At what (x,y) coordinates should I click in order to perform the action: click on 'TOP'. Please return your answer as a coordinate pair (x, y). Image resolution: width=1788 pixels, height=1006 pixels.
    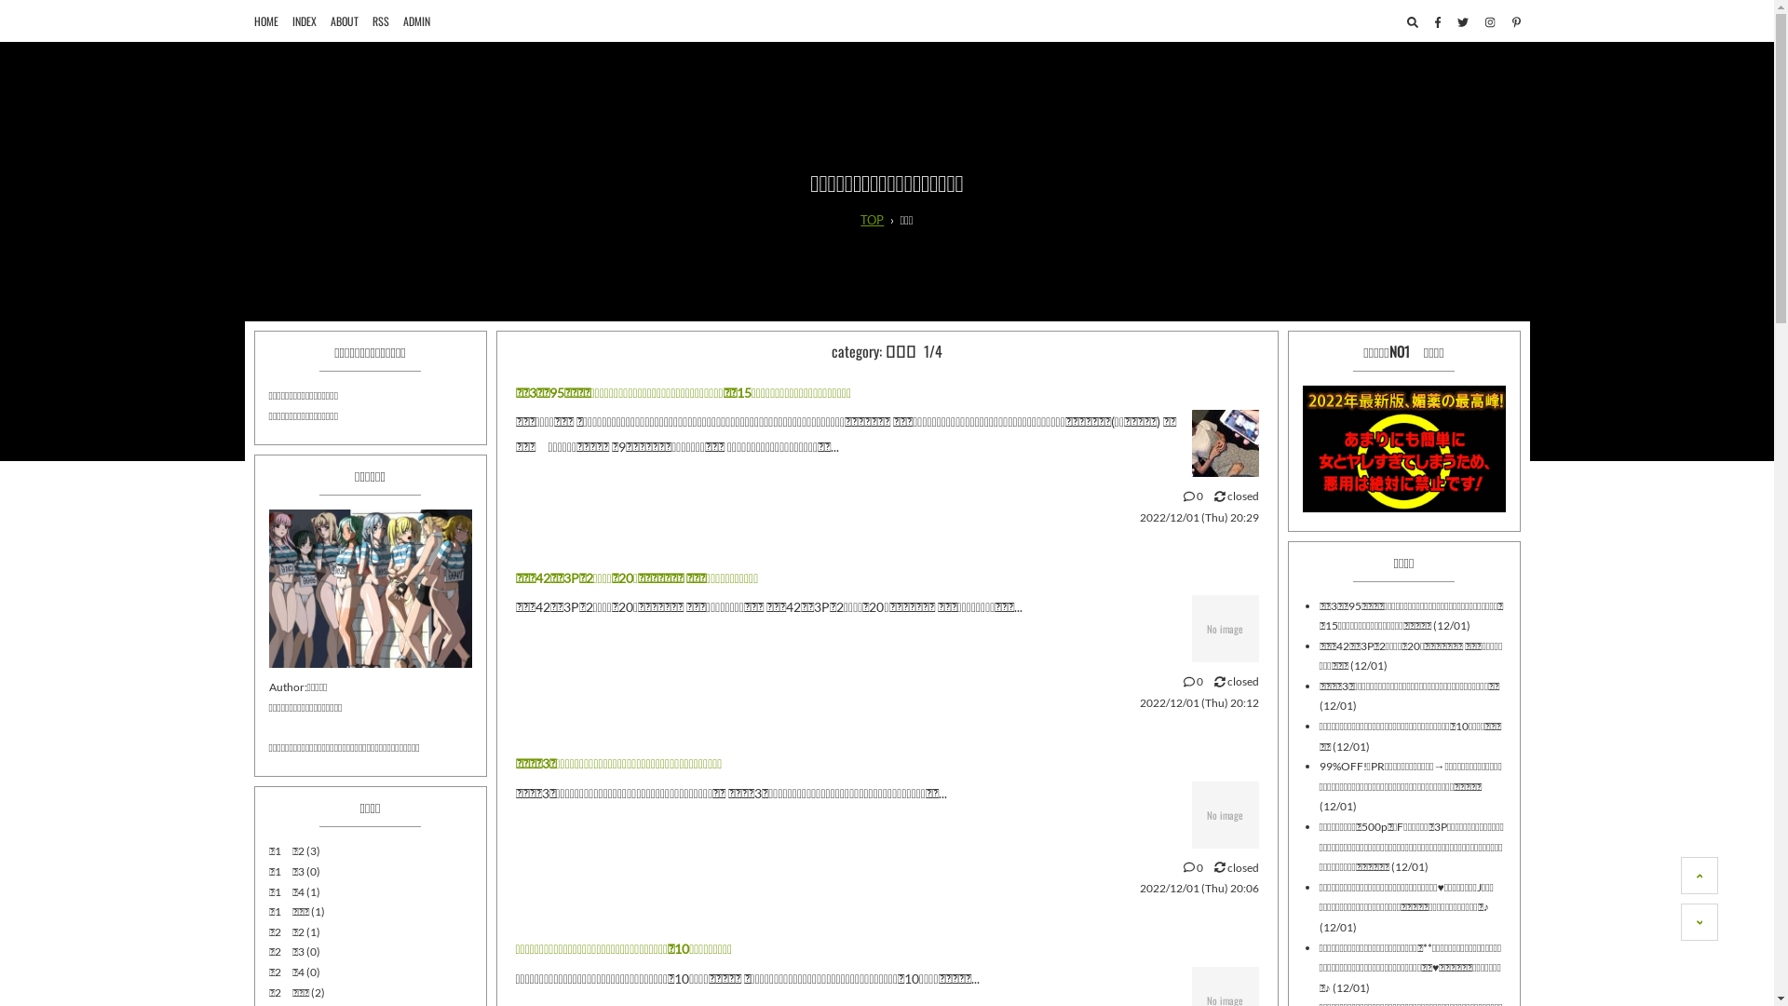
    Looking at the image, I should click on (871, 218).